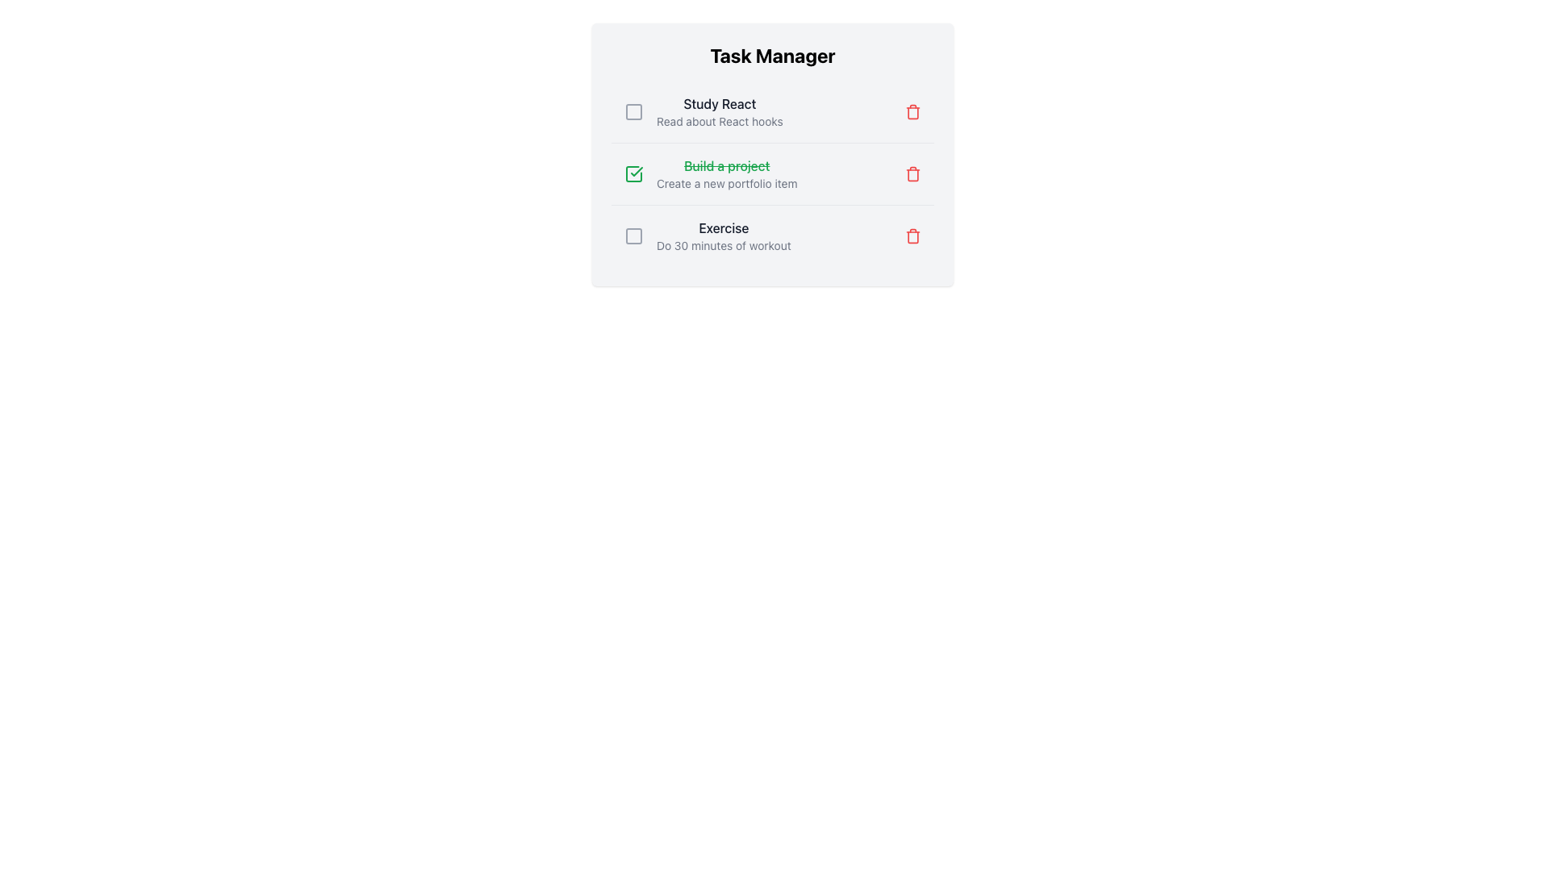 The height and width of the screenshot is (871, 1549). What do you see at coordinates (726, 165) in the screenshot?
I see `the text label that reads 'Build a project', styled in green with a line-through effect, indicating its completion or inactivity, located in the middle row of the task list section` at bounding box center [726, 165].